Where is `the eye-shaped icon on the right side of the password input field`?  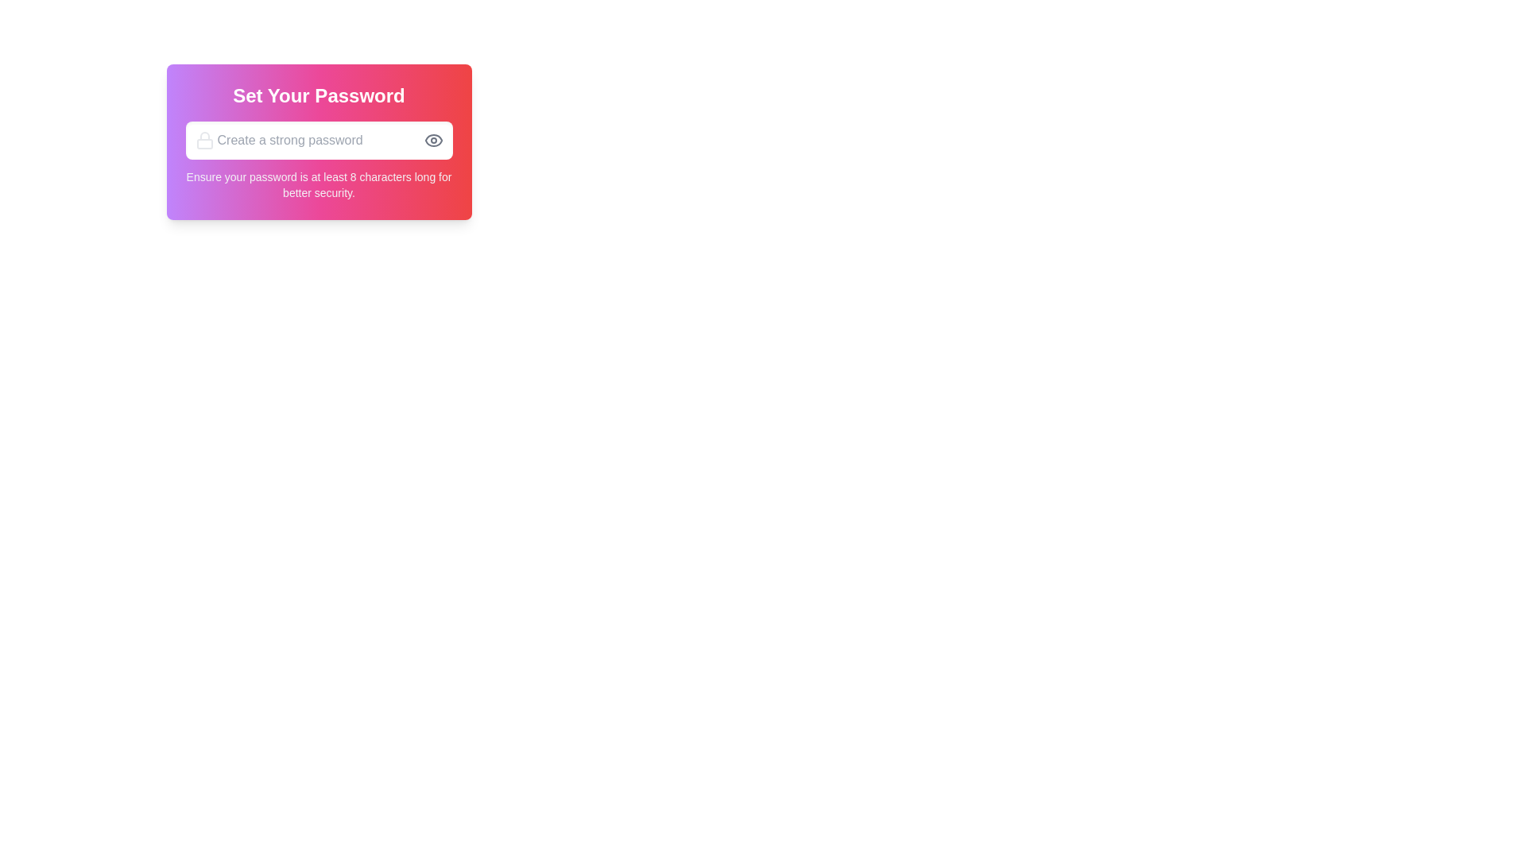
the eye-shaped icon on the right side of the password input field is located at coordinates (433, 140).